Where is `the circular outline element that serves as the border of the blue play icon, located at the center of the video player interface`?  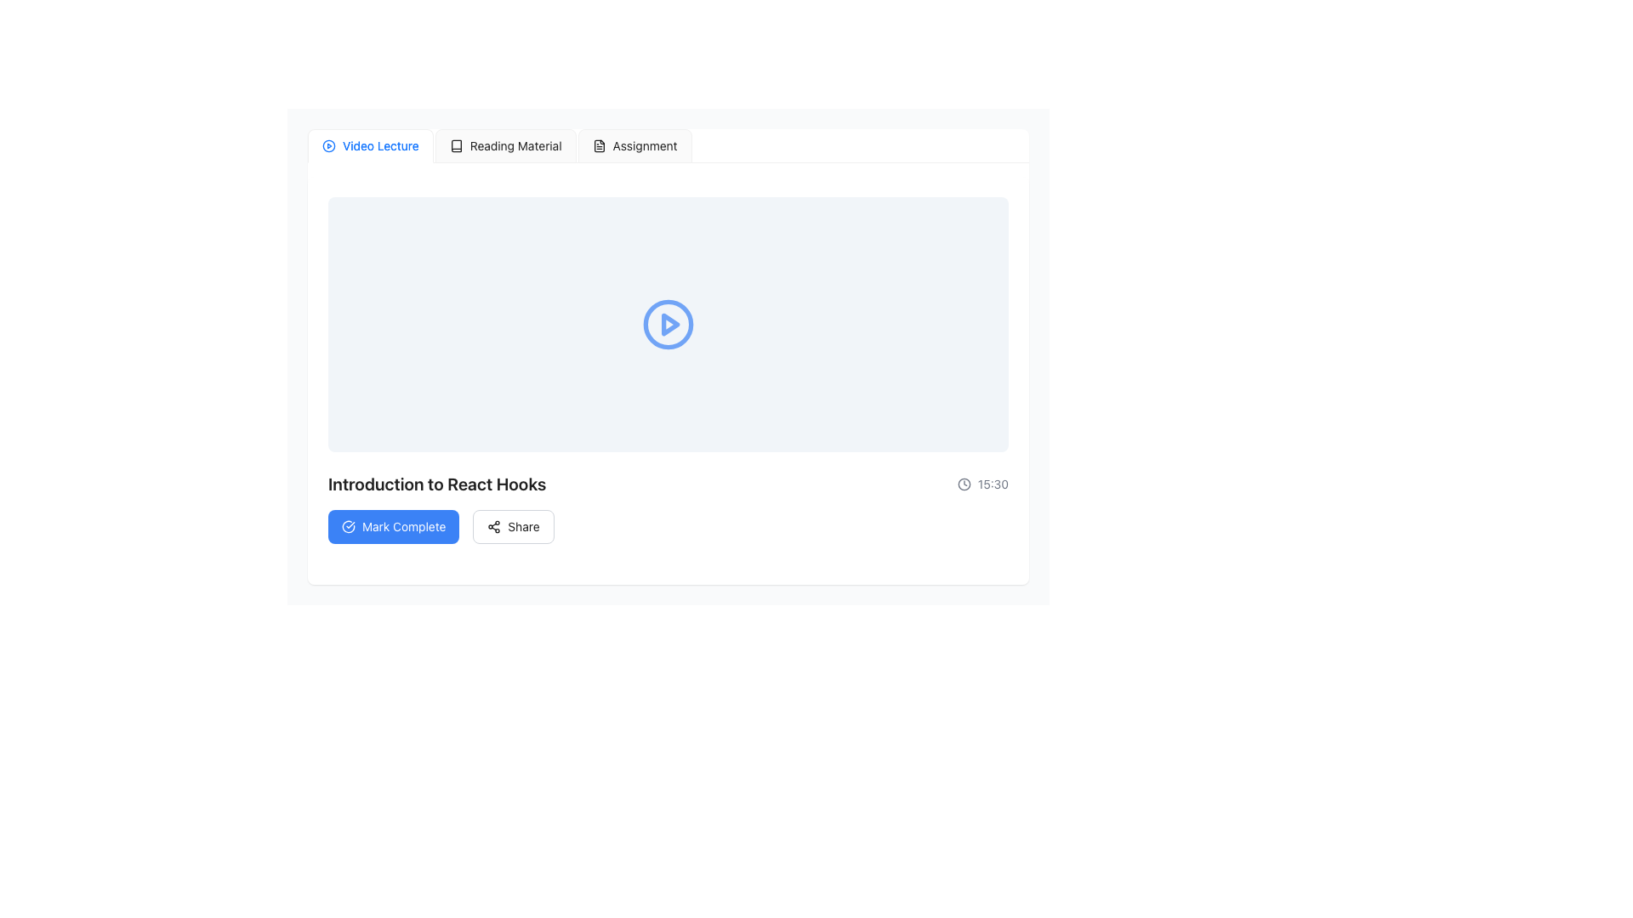
the circular outline element that serves as the border of the blue play icon, located at the center of the video player interface is located at coordinates (668, 324).